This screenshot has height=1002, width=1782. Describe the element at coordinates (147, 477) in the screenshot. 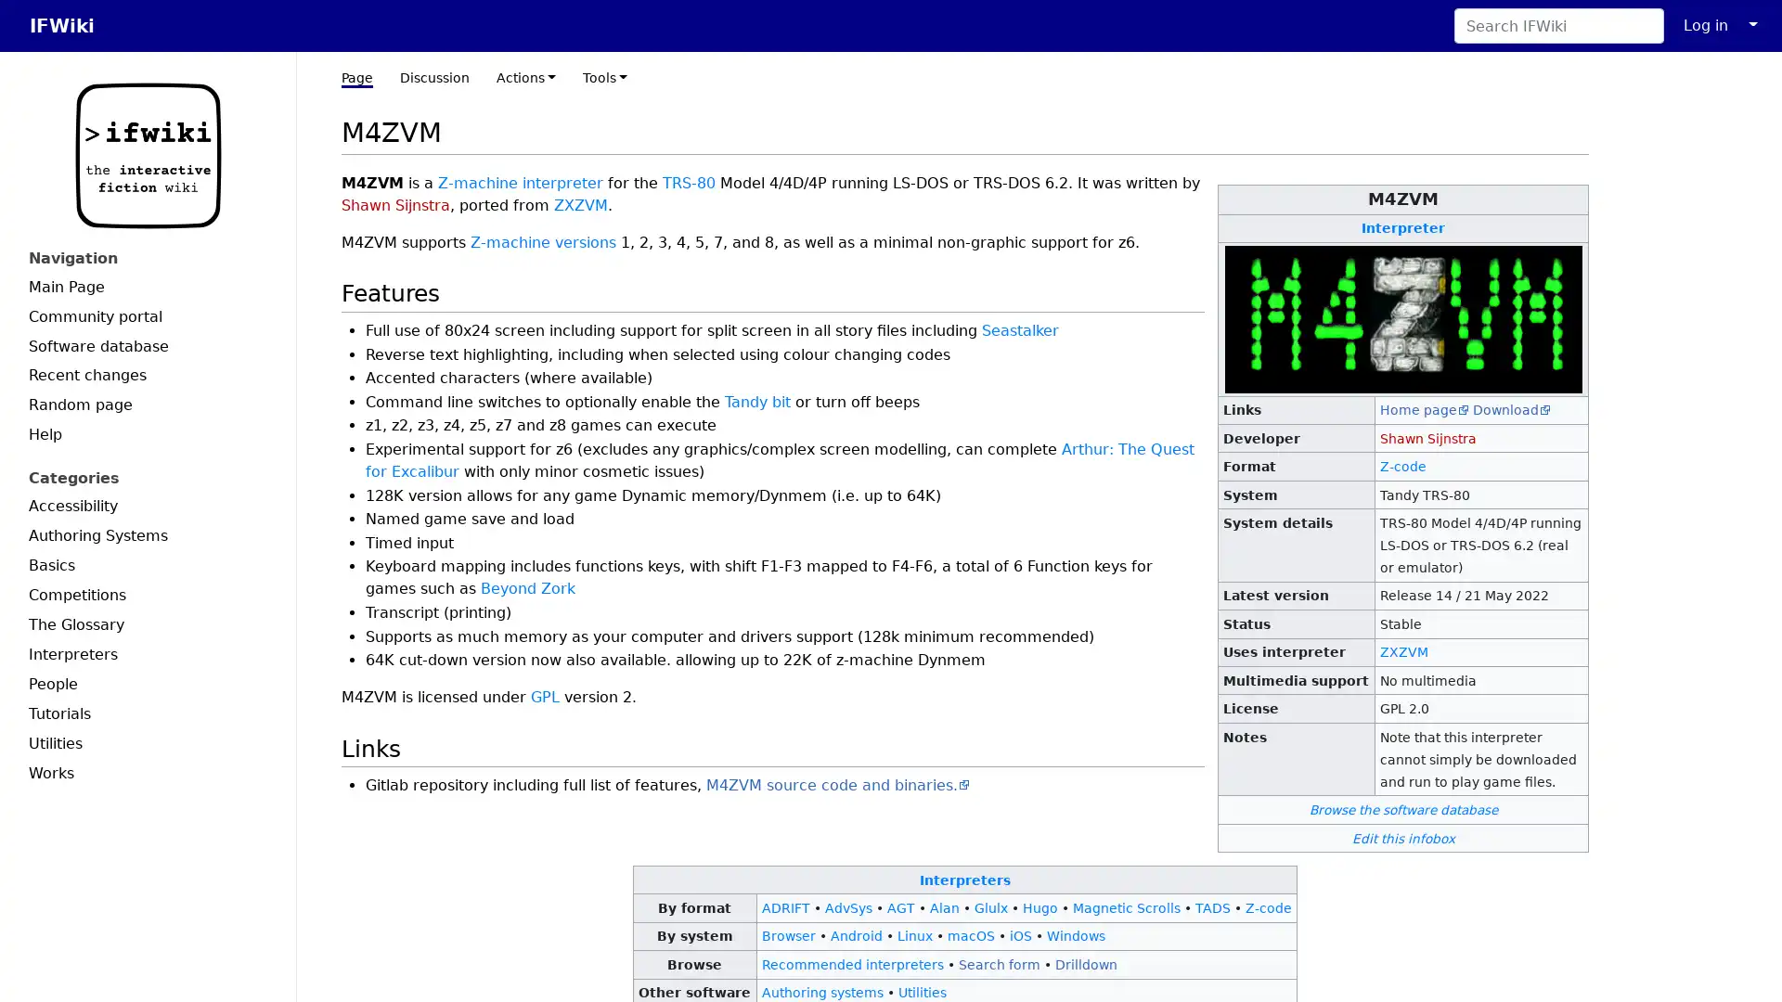

I see `Categories` at that location.